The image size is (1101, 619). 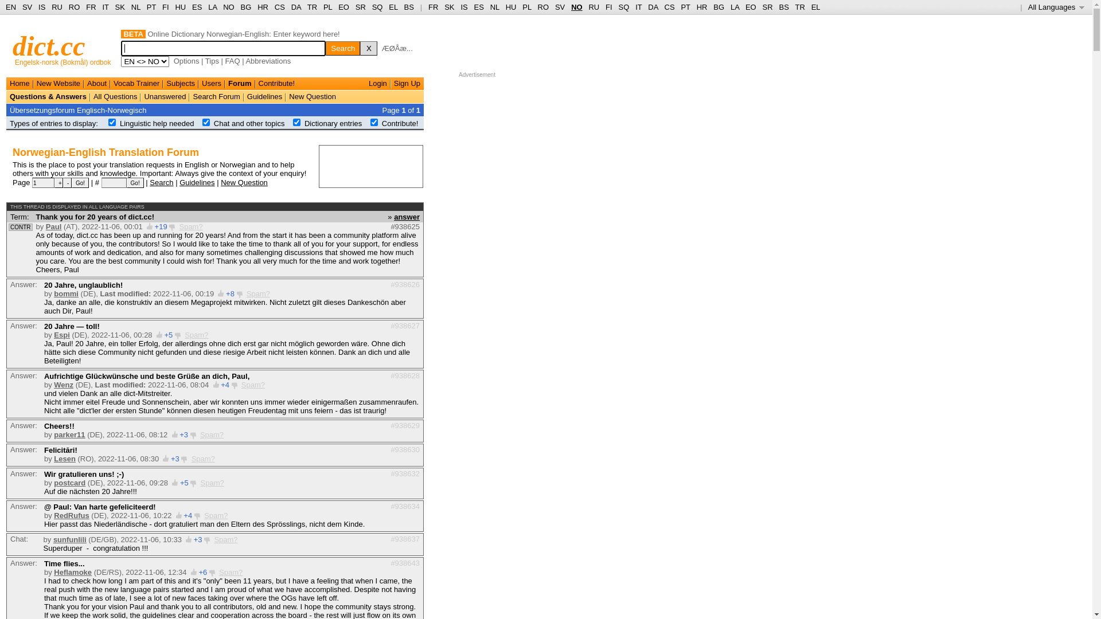 I want to click on '+3', so click(x=170, y=458).